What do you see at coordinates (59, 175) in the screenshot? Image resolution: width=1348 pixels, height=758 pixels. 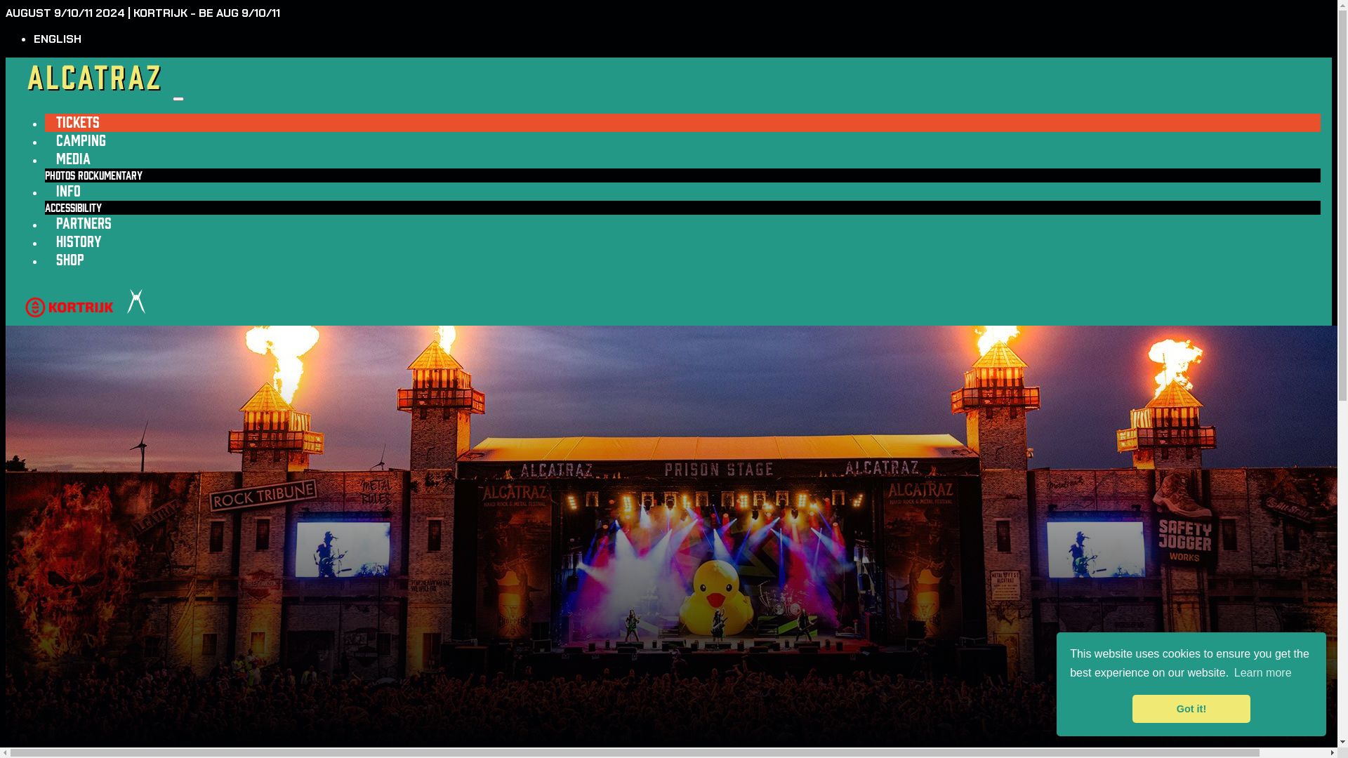 I see `'PHOTOS'` at bounding box center [59, 175].